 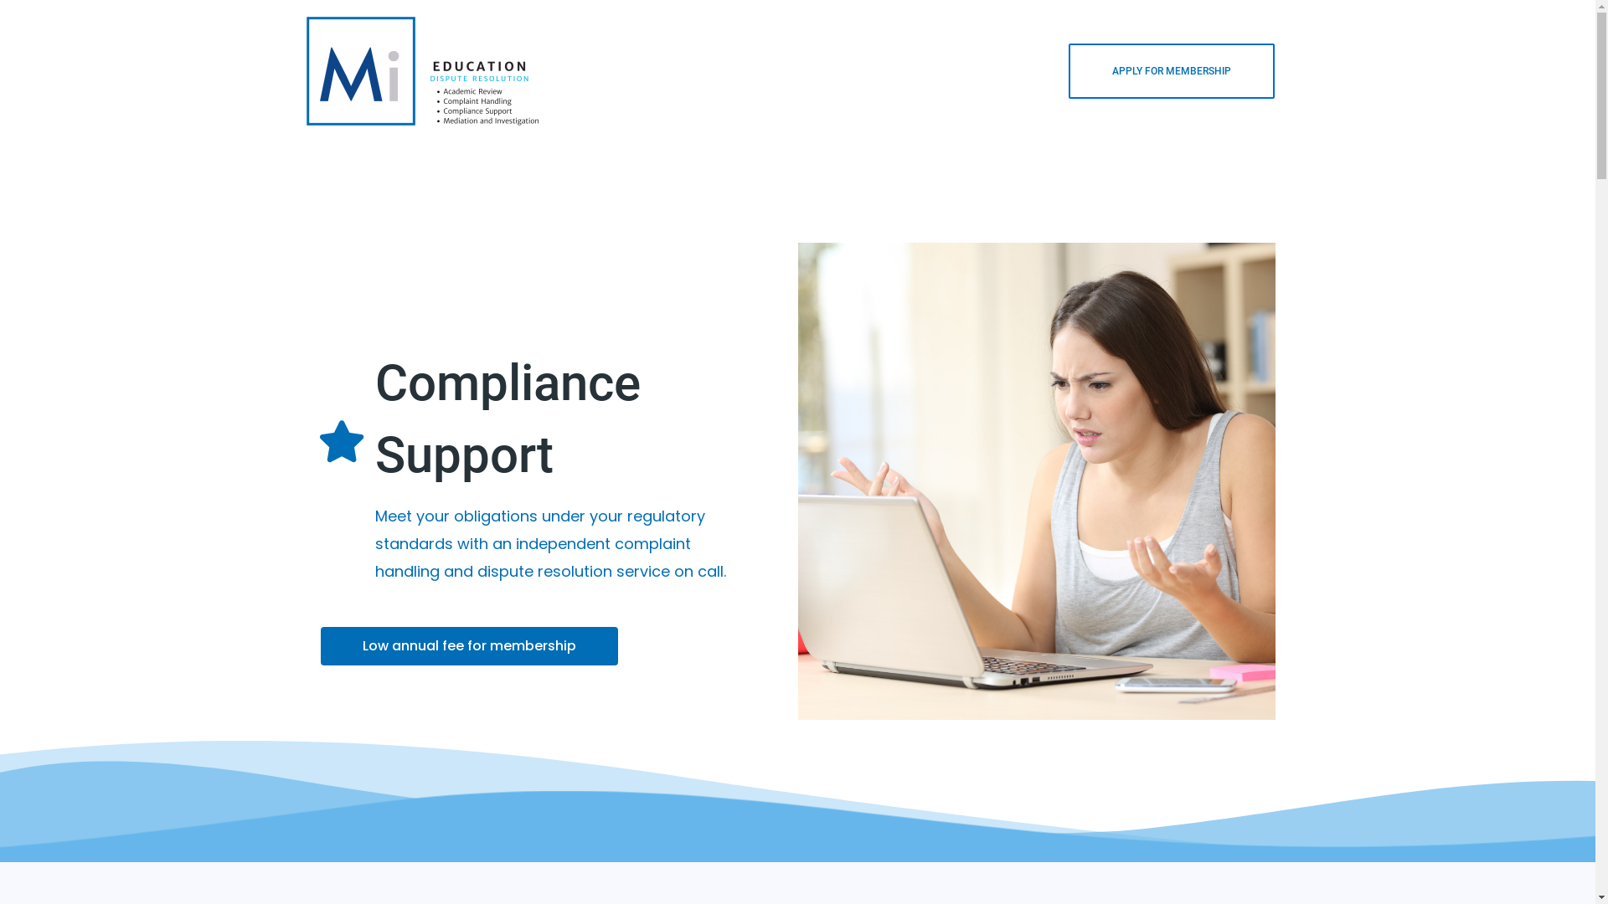 What do you see at coordinates (468, 645) in the screenshot?
I see `'Low annual fee for membership'` at bounding box center [468, 645].